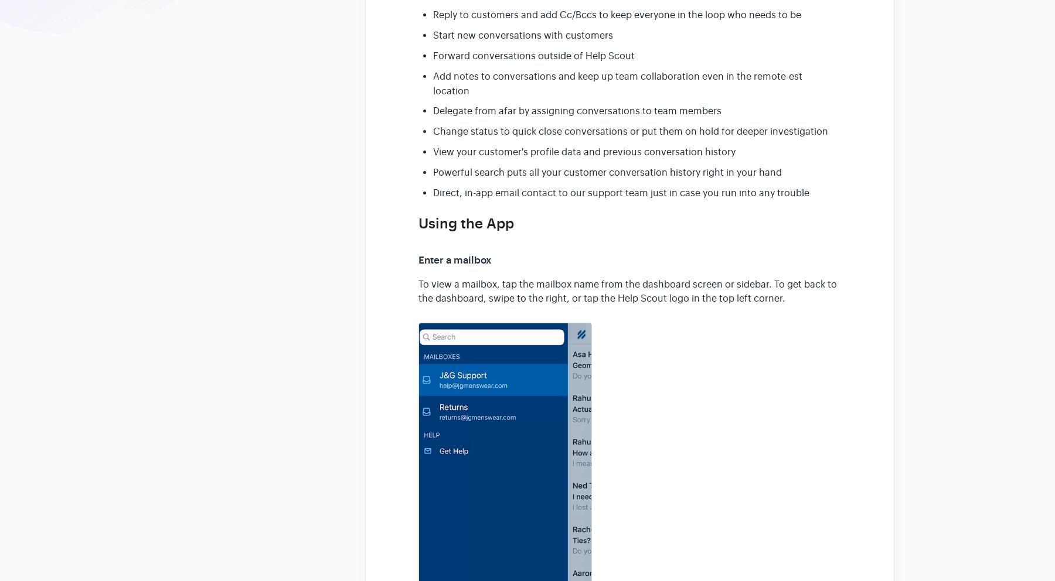 Image resolution: width=1055 pixels, height=581 pixels. Describe the element at coordinates (418, 224) in the screenshot. I see `'Using the App'` at that location.